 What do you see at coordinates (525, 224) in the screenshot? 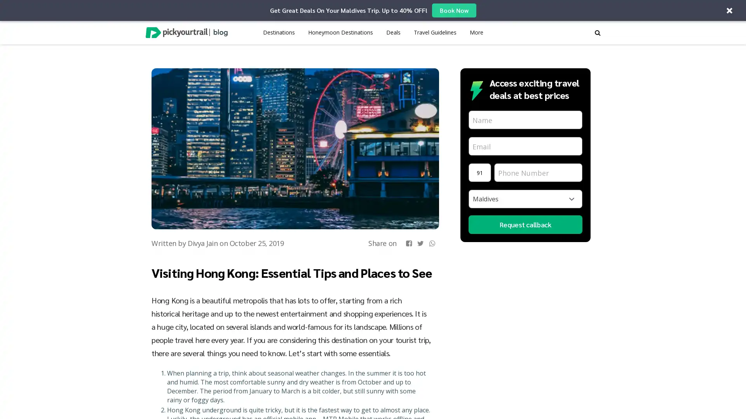
I see `Request callback` at bounding box center [525, 224].